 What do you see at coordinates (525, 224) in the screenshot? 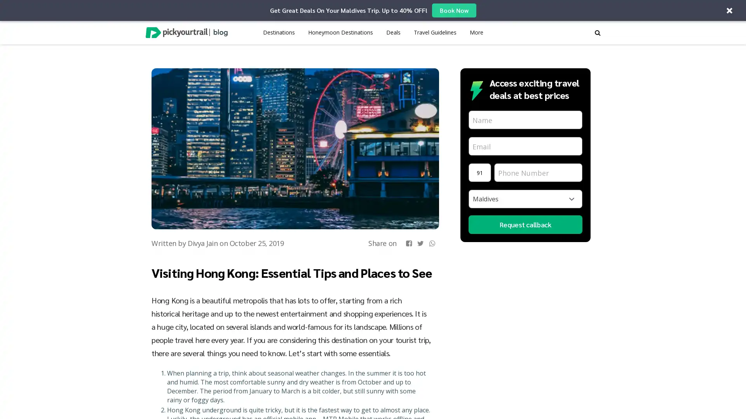
I see `Request callback` at bounding box center [525, 224].